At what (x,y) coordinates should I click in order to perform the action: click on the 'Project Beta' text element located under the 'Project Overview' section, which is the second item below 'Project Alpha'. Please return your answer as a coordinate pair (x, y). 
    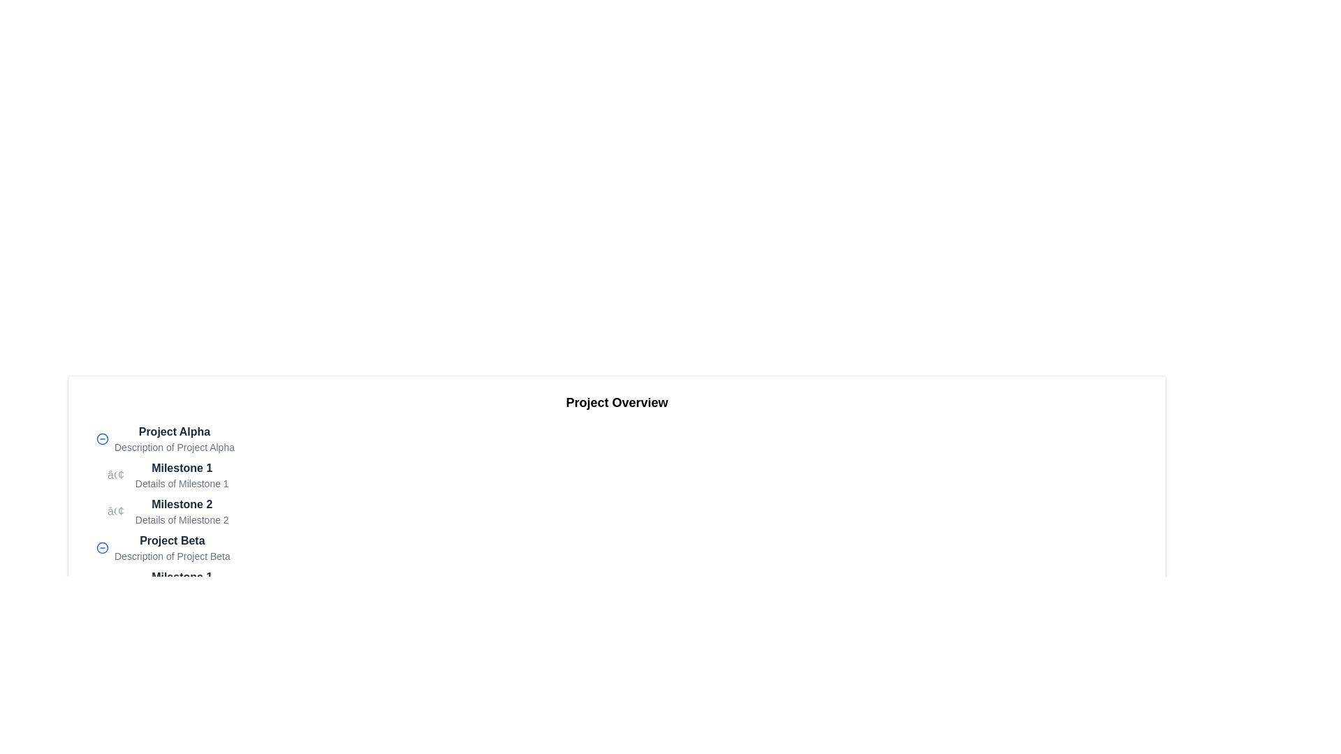
    Looking at the image, I should click on (171, 547).